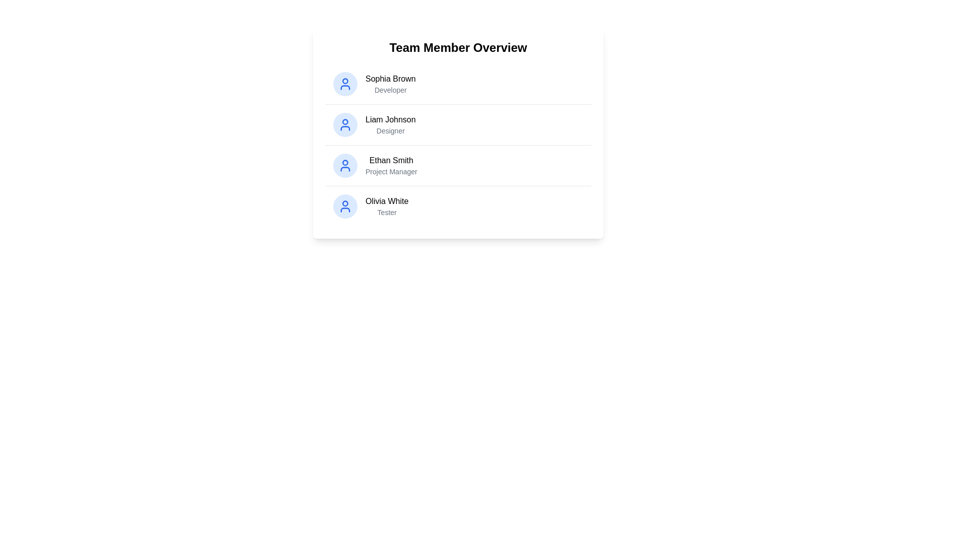  What do you see at coordinates (345, 83) in the screenshot?
I see `the user silhouette icon representing 'Sophia Brown', a Developer, located in the top-left area of the 'Team Member Overview' card` at bounding box center [345, 83].